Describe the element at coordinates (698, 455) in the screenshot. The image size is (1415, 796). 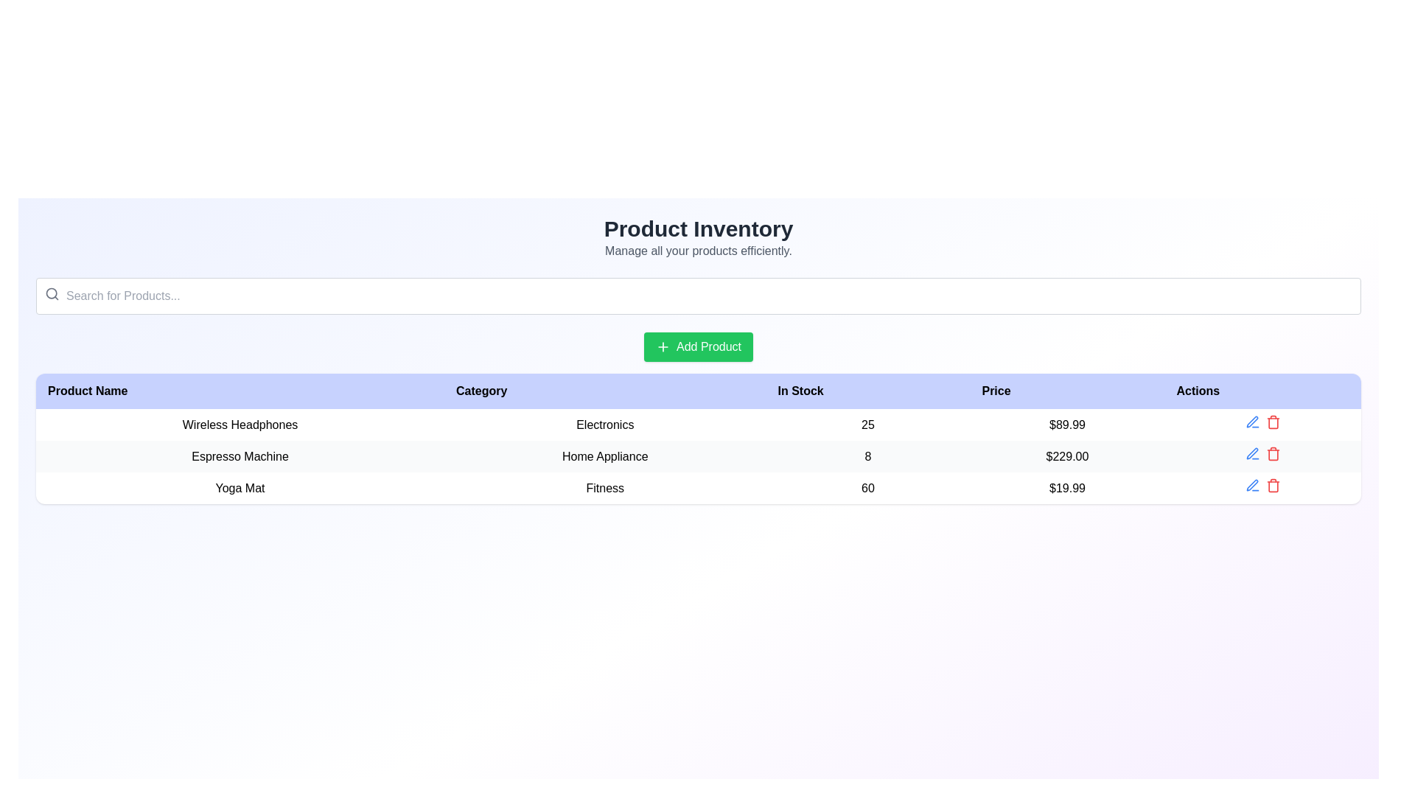
I see `the action icons in the second row of the 'Product Inventory' table, which displays details about the product 'Espresso Machine'` at that location.